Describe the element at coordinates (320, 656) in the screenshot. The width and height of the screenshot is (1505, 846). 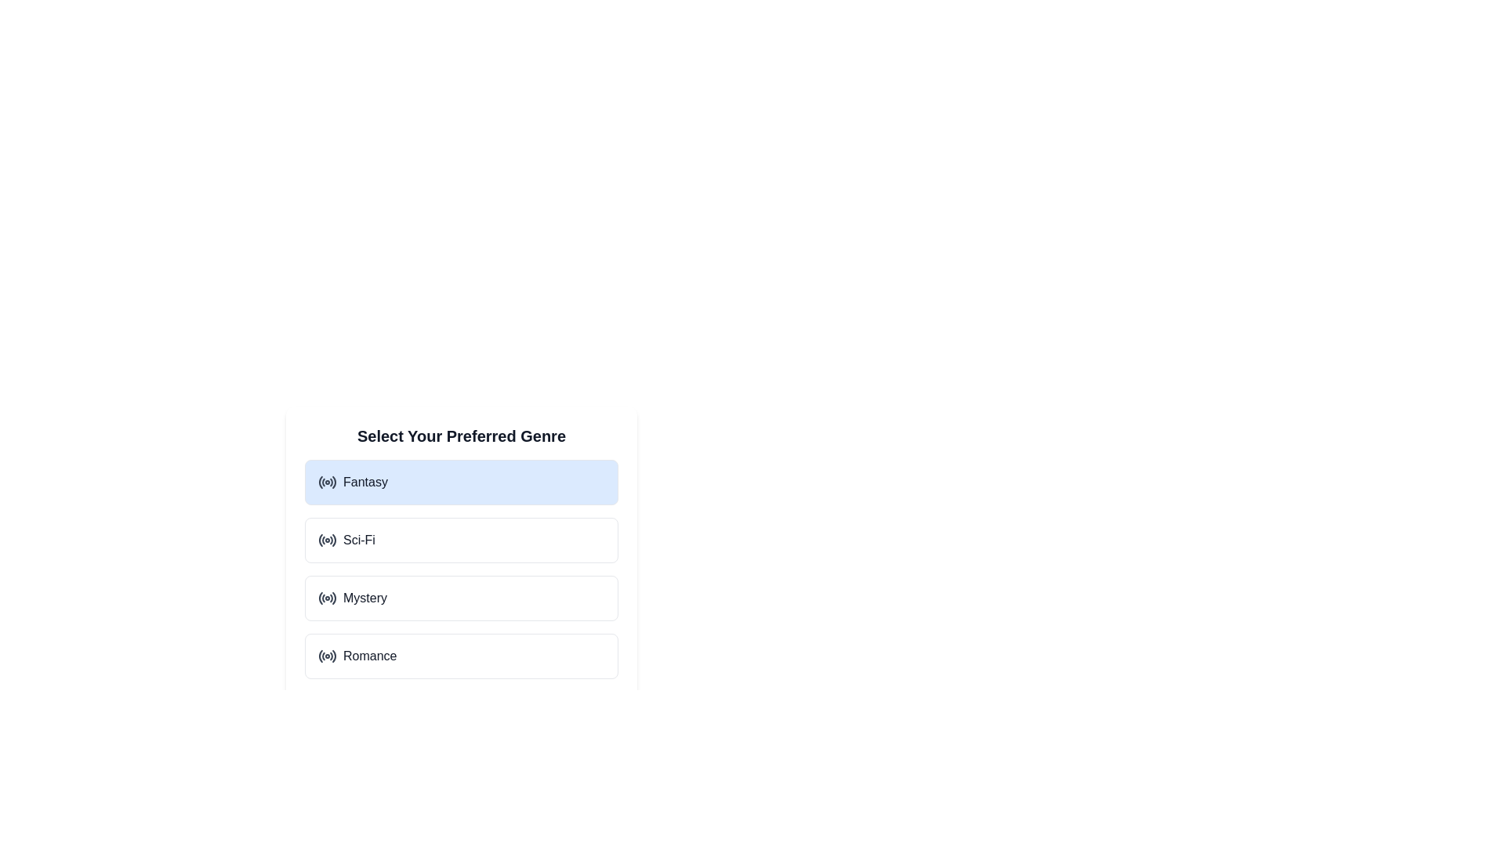
I see `the outermost curved line of the radio button icon for 'Romance'` at that location.